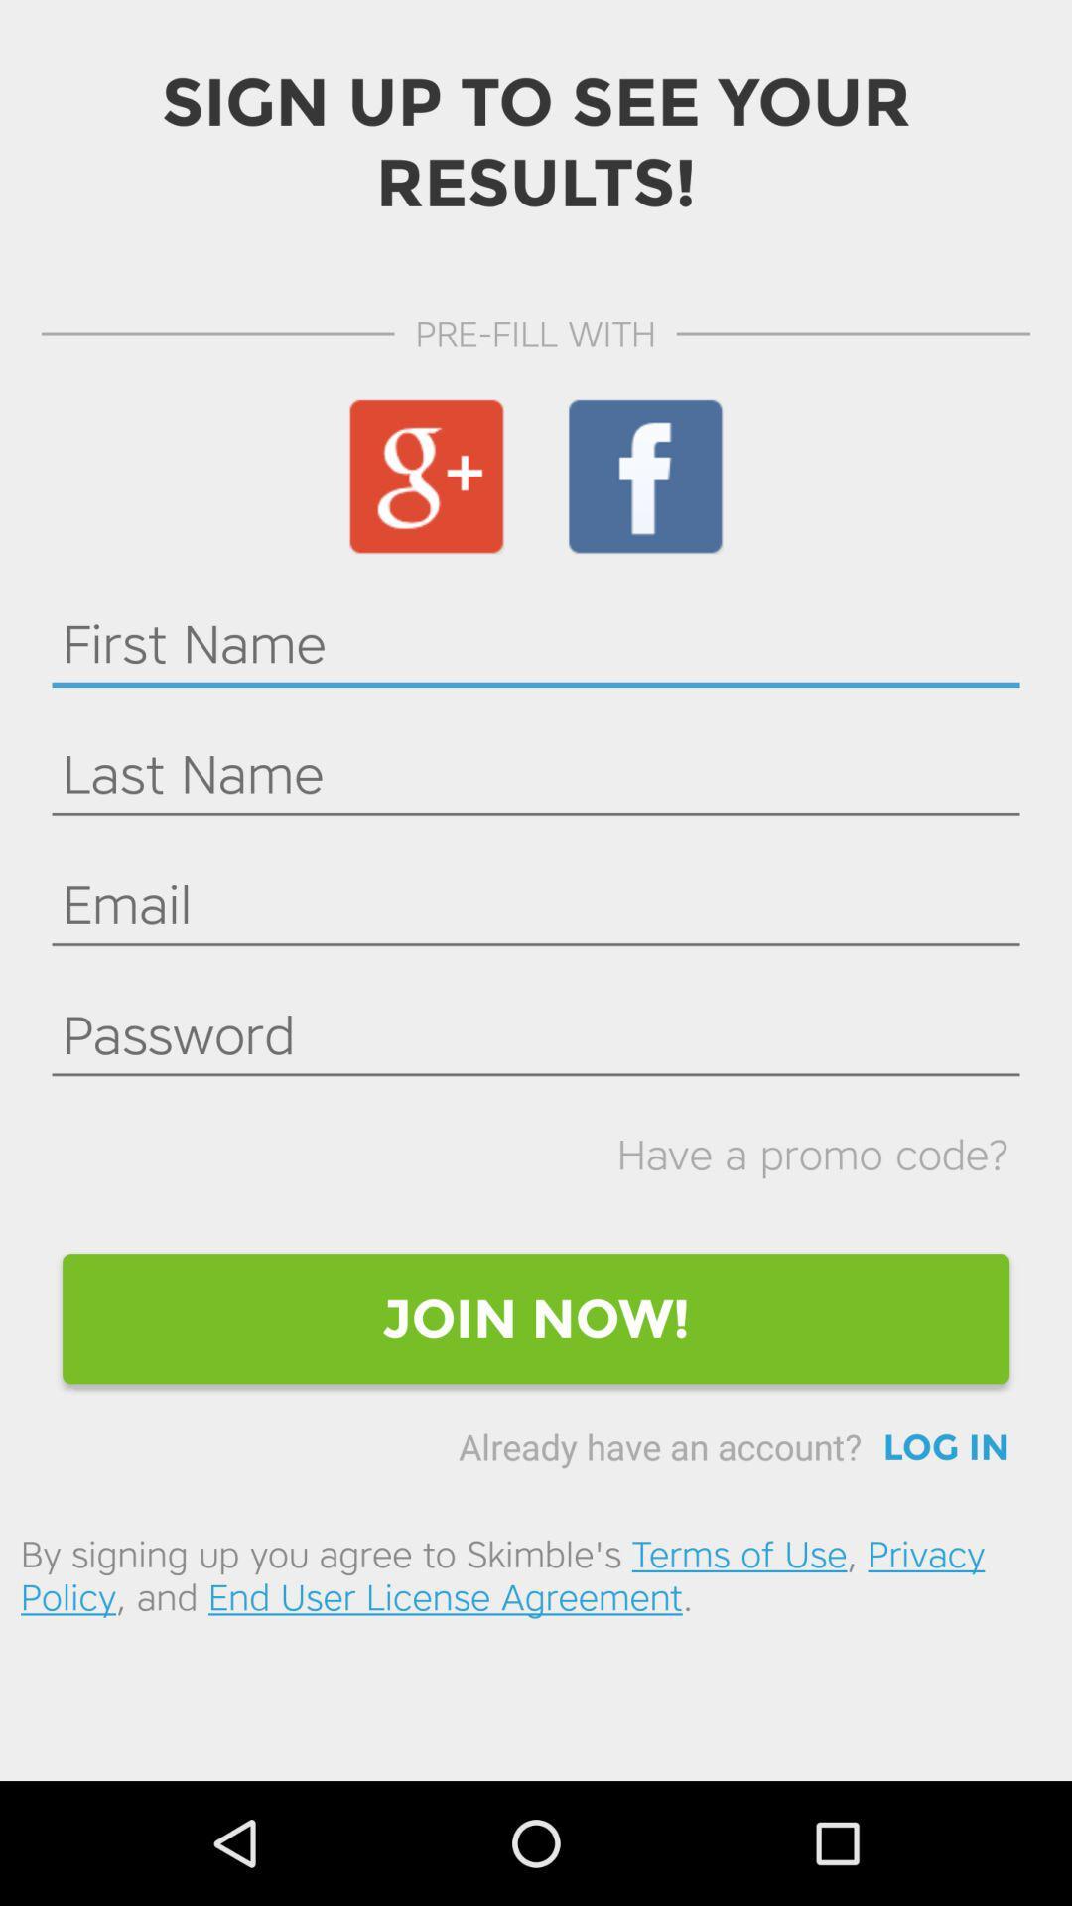 This screenshot has width=1072, height=1906. What do you see at coordinates (645, 476) in the screenshot?
I see `the icon below pre-fill with icon` at bounding box center [645, 476].